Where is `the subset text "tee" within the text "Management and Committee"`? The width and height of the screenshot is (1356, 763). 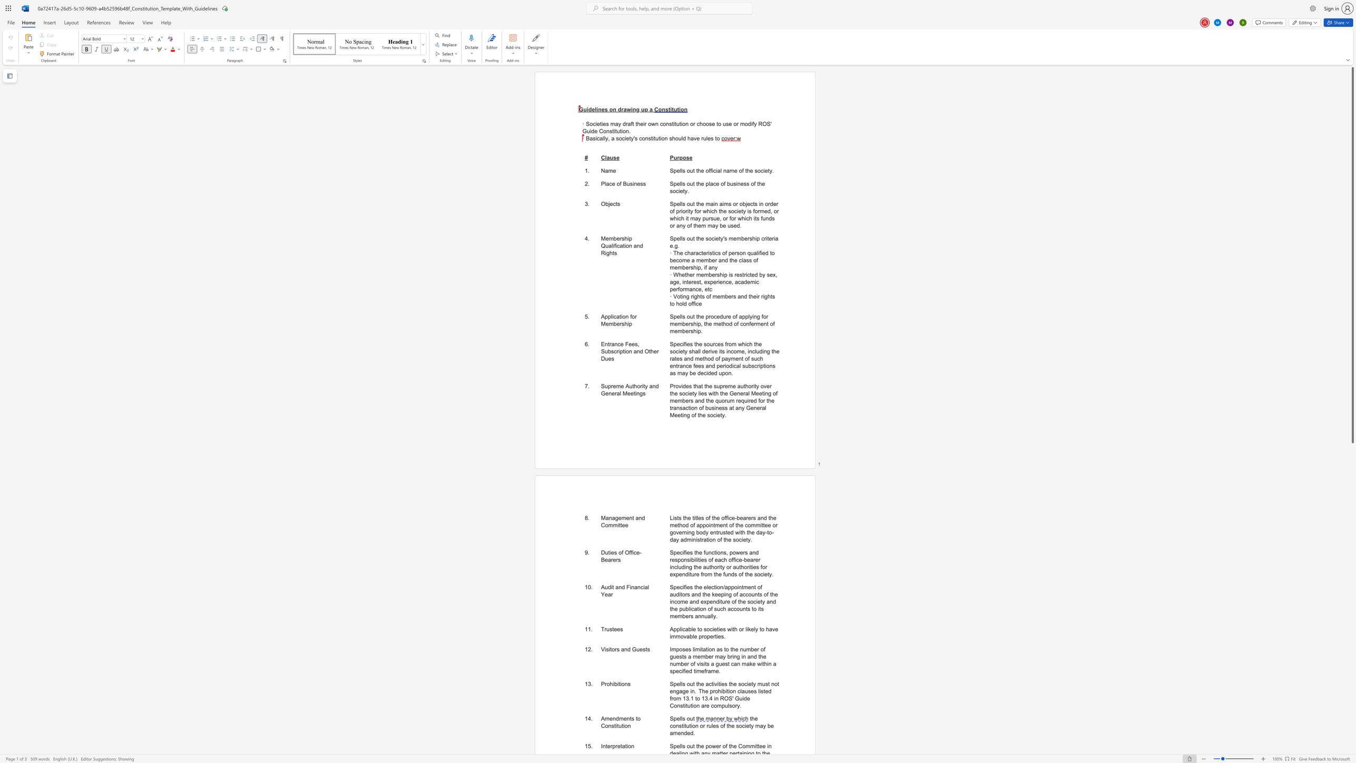
the subset text "tee" within the text "Management and Committee" is located at coordinates (620, 524).